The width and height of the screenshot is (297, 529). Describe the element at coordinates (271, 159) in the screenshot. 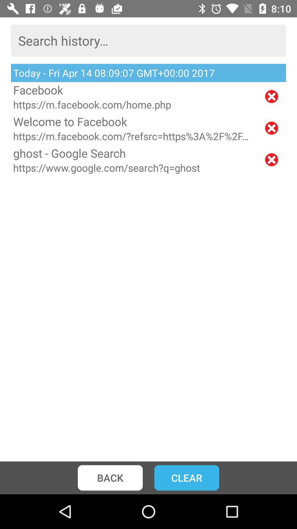

I see `delete entry` at that location.